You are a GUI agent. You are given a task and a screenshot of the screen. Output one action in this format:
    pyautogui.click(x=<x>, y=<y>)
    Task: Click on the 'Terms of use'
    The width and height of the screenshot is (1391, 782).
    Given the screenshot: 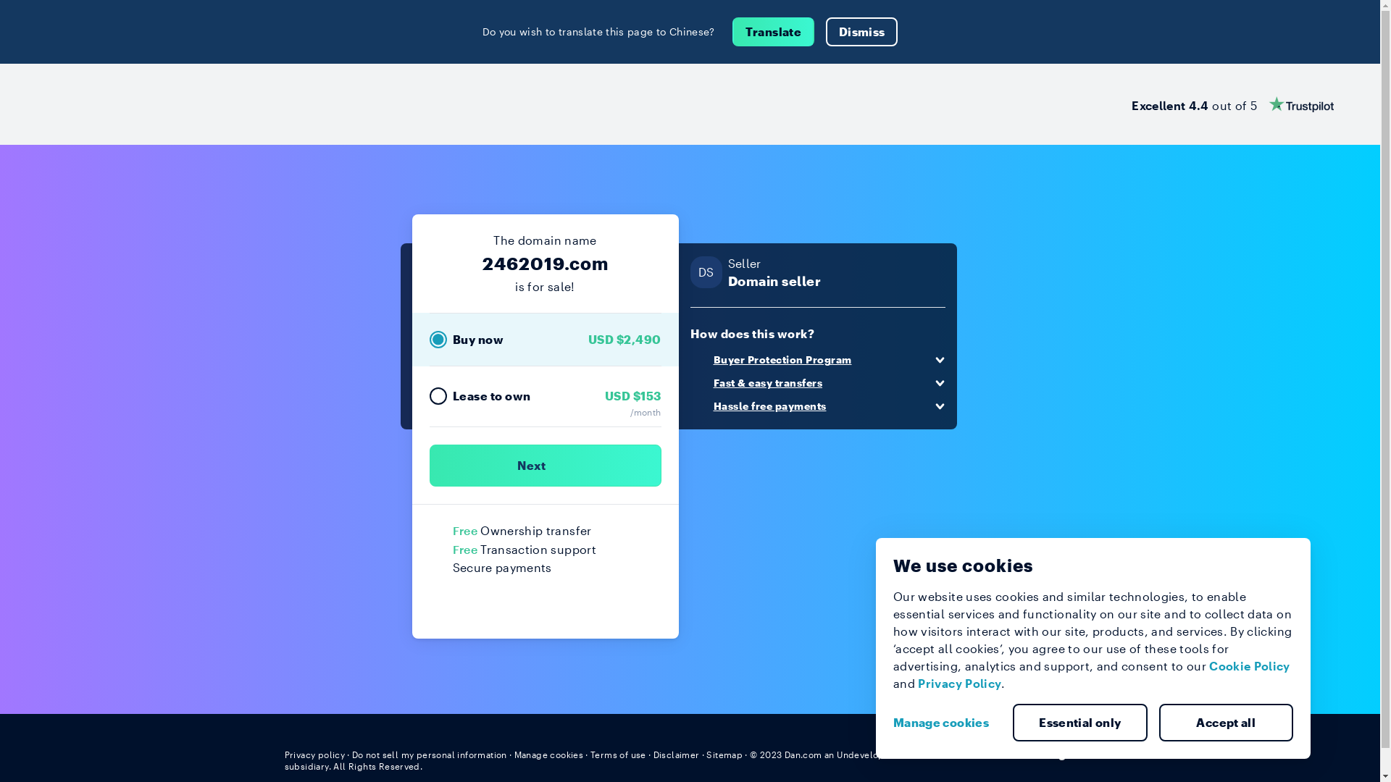 What is the action you would take?
    pyautogui.click(x=618, y=753)
    